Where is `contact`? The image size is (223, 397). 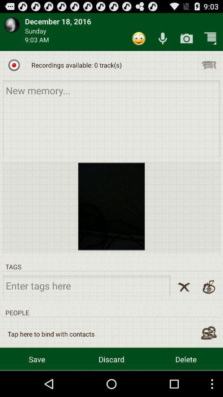 contact is located at coordinates (208, 333).